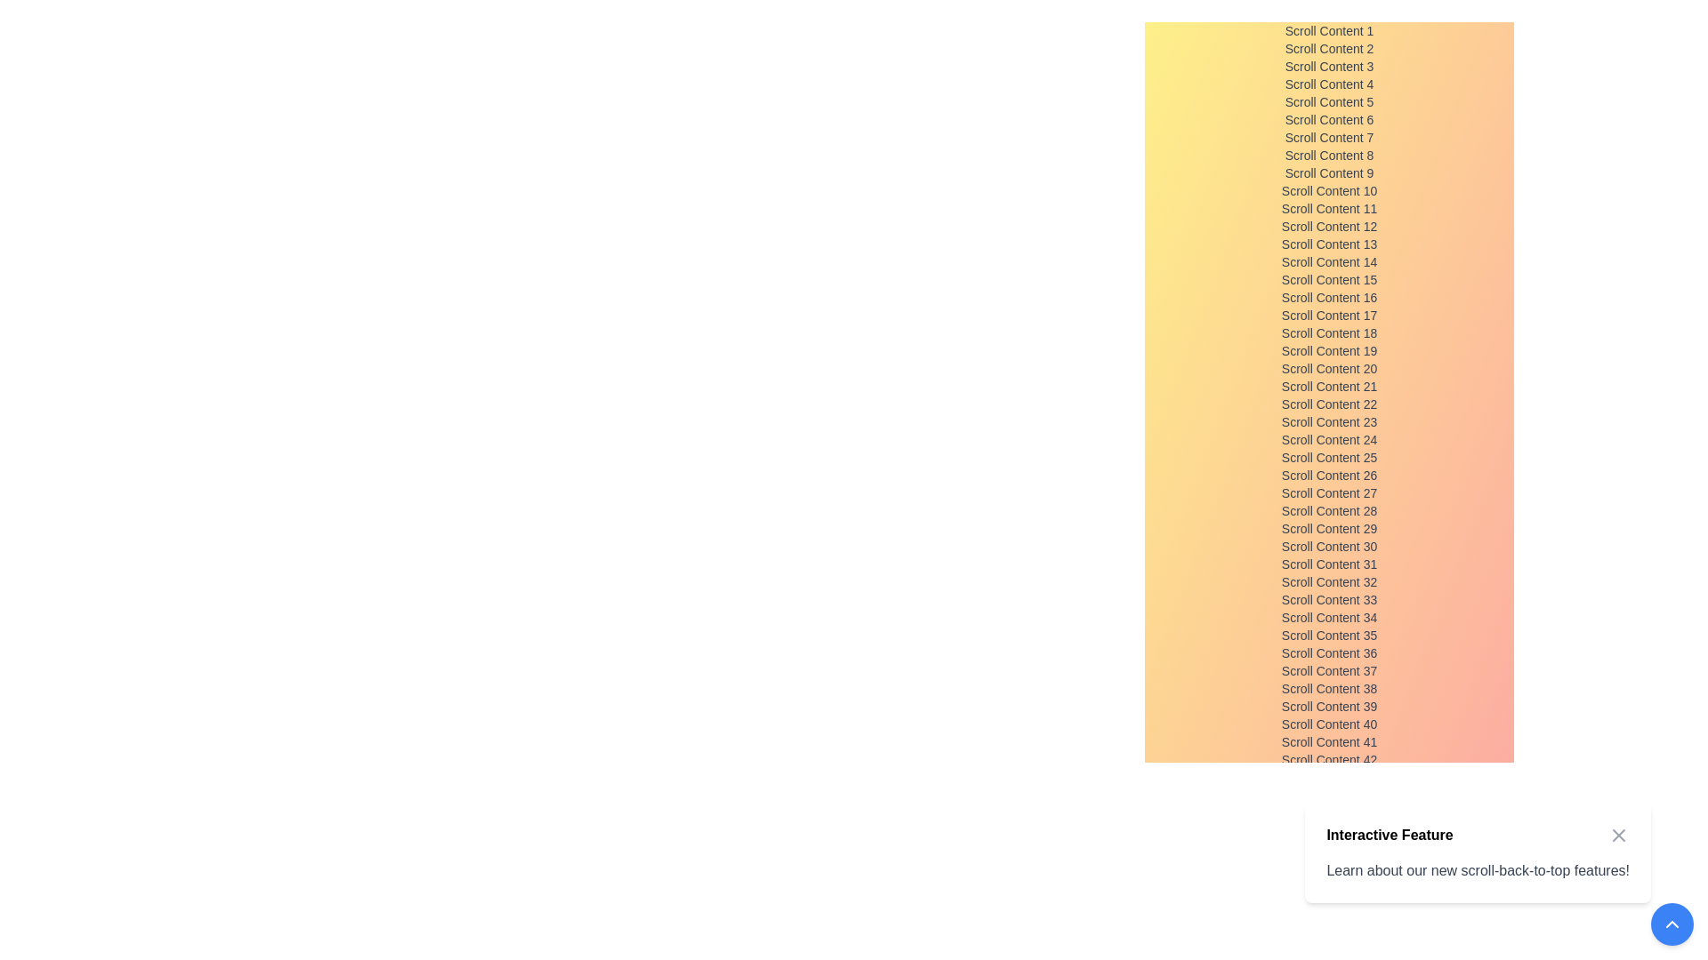 This screenshot has height=960, width=1708. I want to click on the static text label that displays 'Scroll Content 41', which is styled in a smaller font size and medium gray color, located near the bottom of a vertically stacked list of similar elements, so click(1329, 741).